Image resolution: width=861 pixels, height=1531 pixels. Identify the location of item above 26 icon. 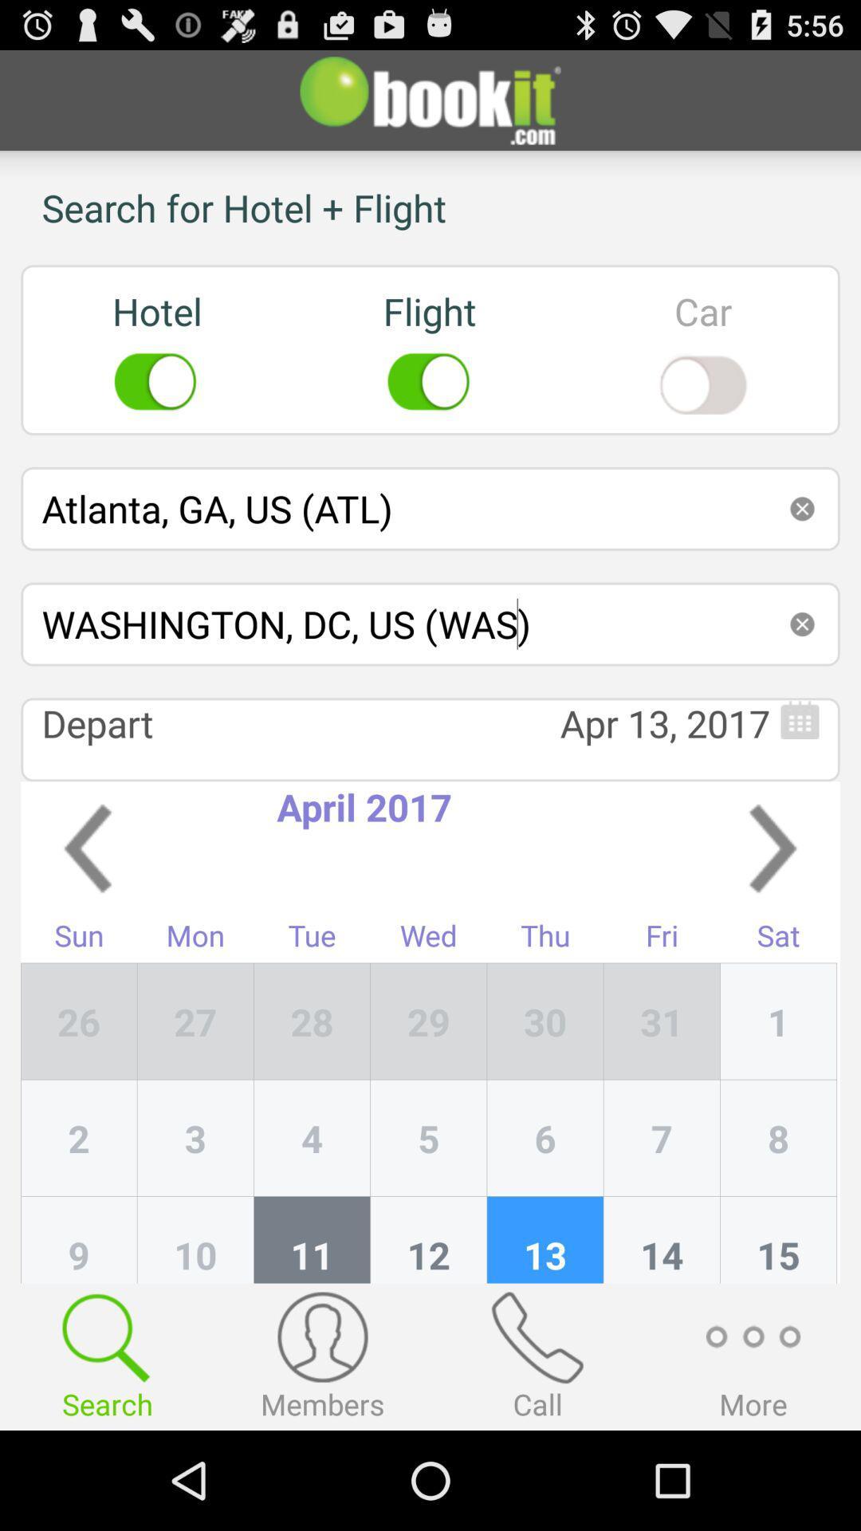
(79, 939).